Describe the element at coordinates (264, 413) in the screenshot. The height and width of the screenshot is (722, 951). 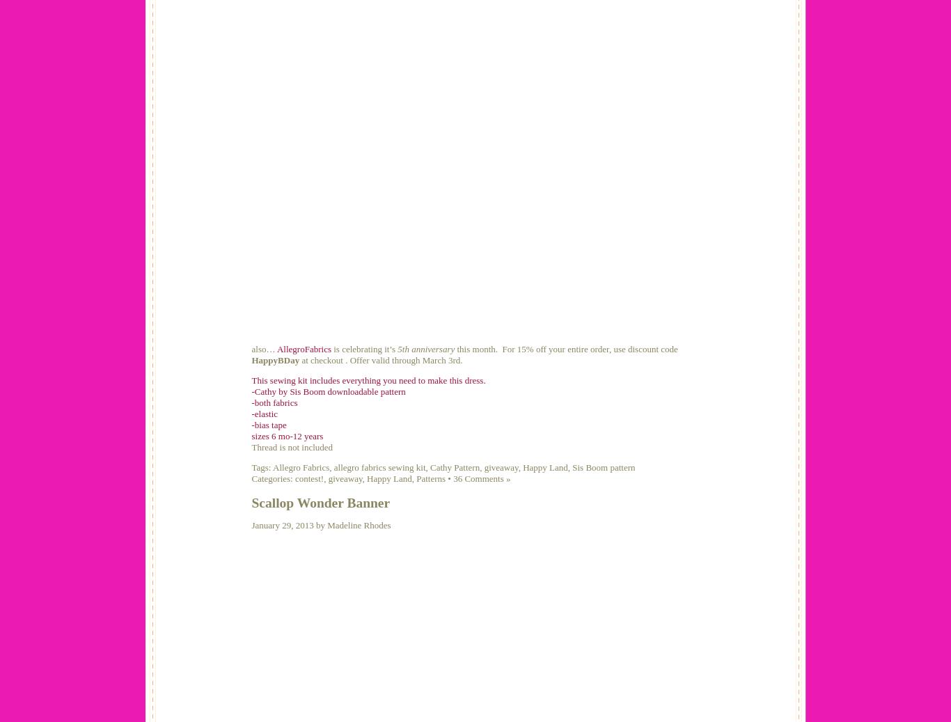
I see `'-elastic'` at that location.